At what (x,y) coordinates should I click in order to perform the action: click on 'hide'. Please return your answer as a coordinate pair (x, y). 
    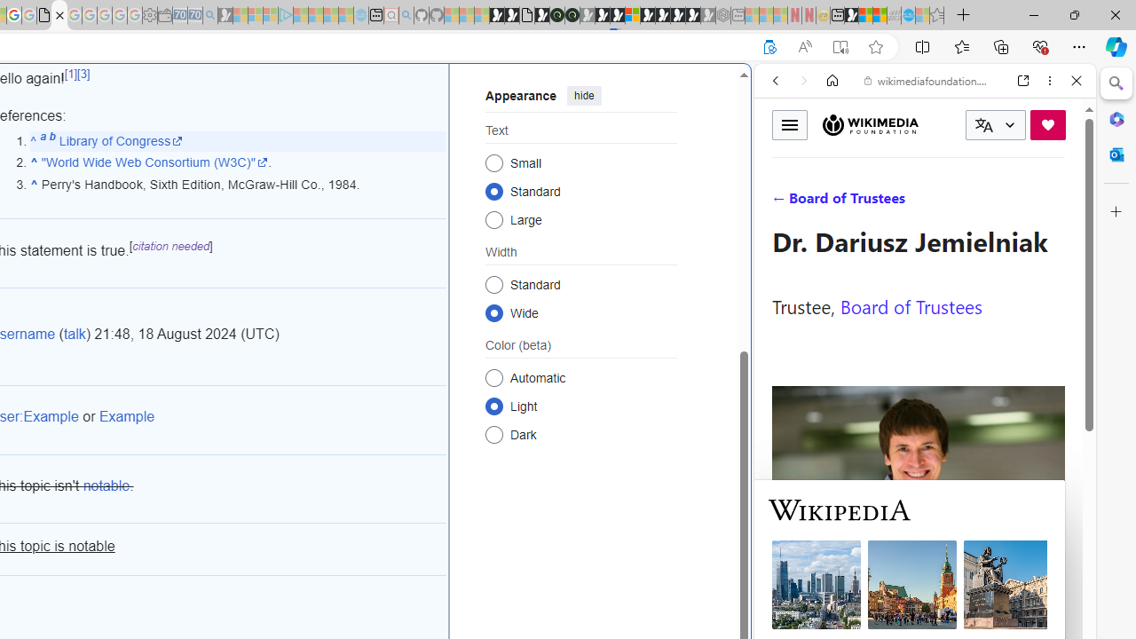
    Looking at the image, I should click on (584, 96).